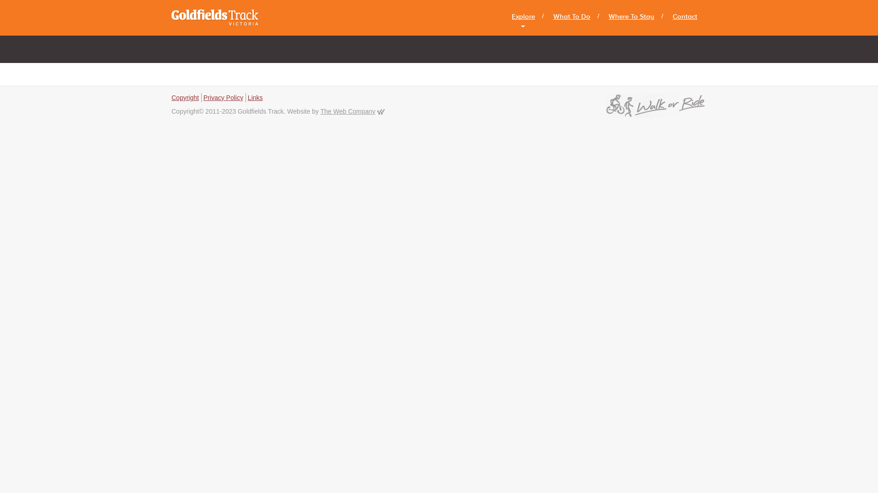 The width and height of the screenshot is (878, 493). I want to click on 'Contact', so click(685, 16).